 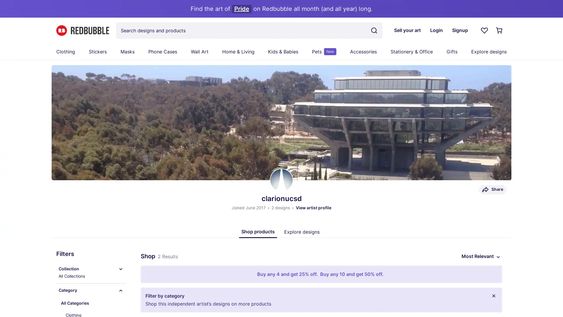 I want to click on Collection All Collections, so click(x=91, y=273).